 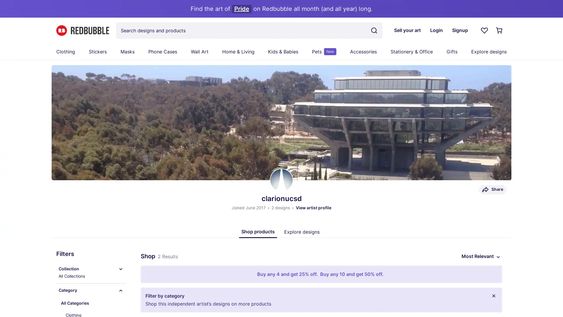 I want to click on Collection All Collections, so click(x=91, y=273).